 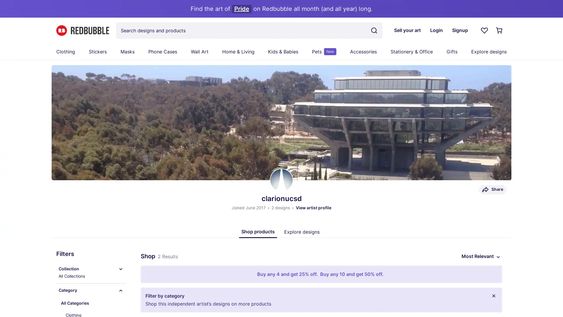 I want to click on Collection All Collections, so click(x=91, y=273).